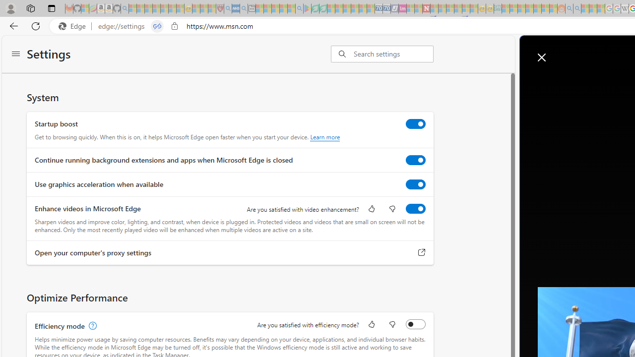 The image size is (635, 357). What do you see at coordinates (315, 8) in the screenshot?
I see `'Terms of Use Agreement - Sleeping'` at bounding box center [315, 8].